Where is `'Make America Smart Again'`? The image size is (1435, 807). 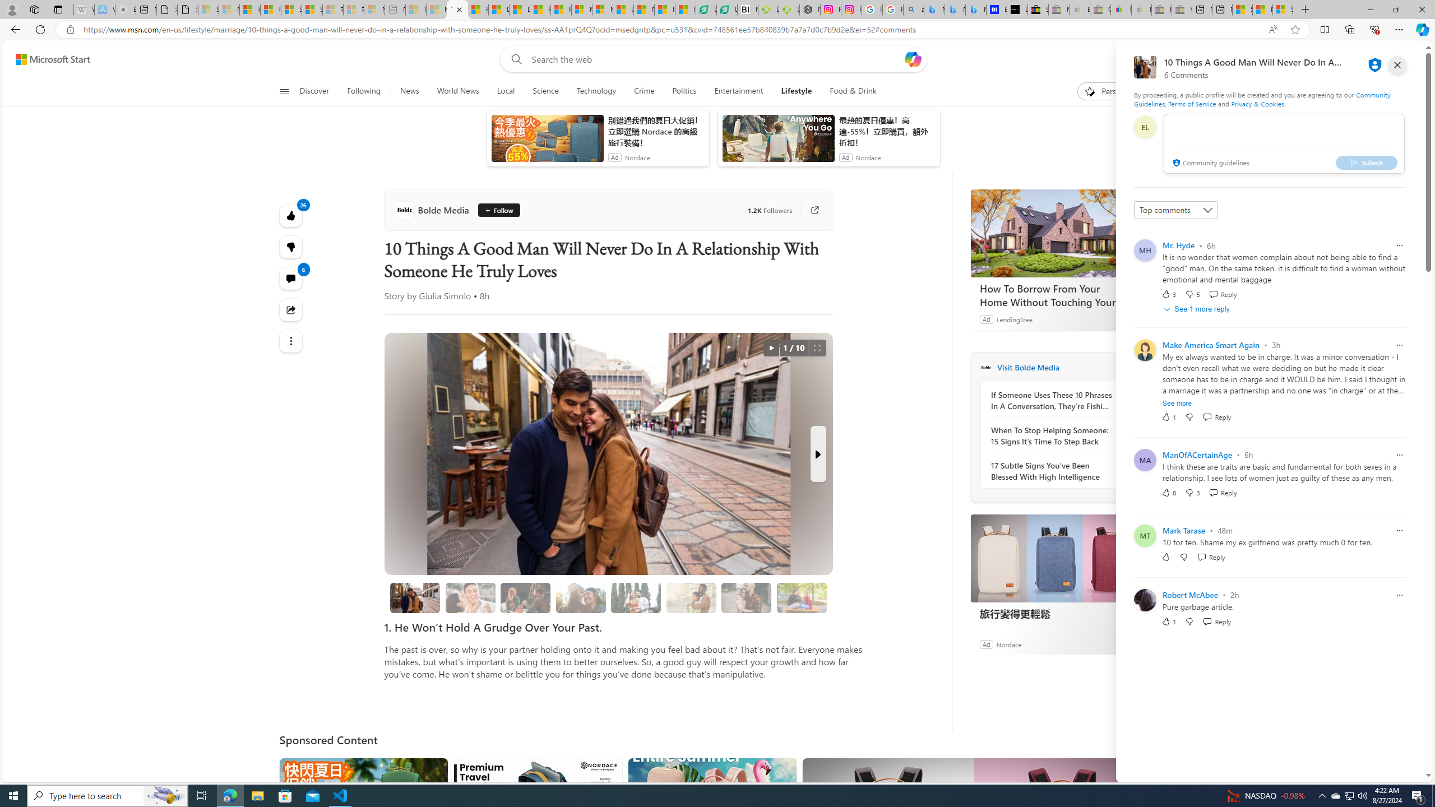
'Make America Smart Again' is located at coordinates (1211, 344).